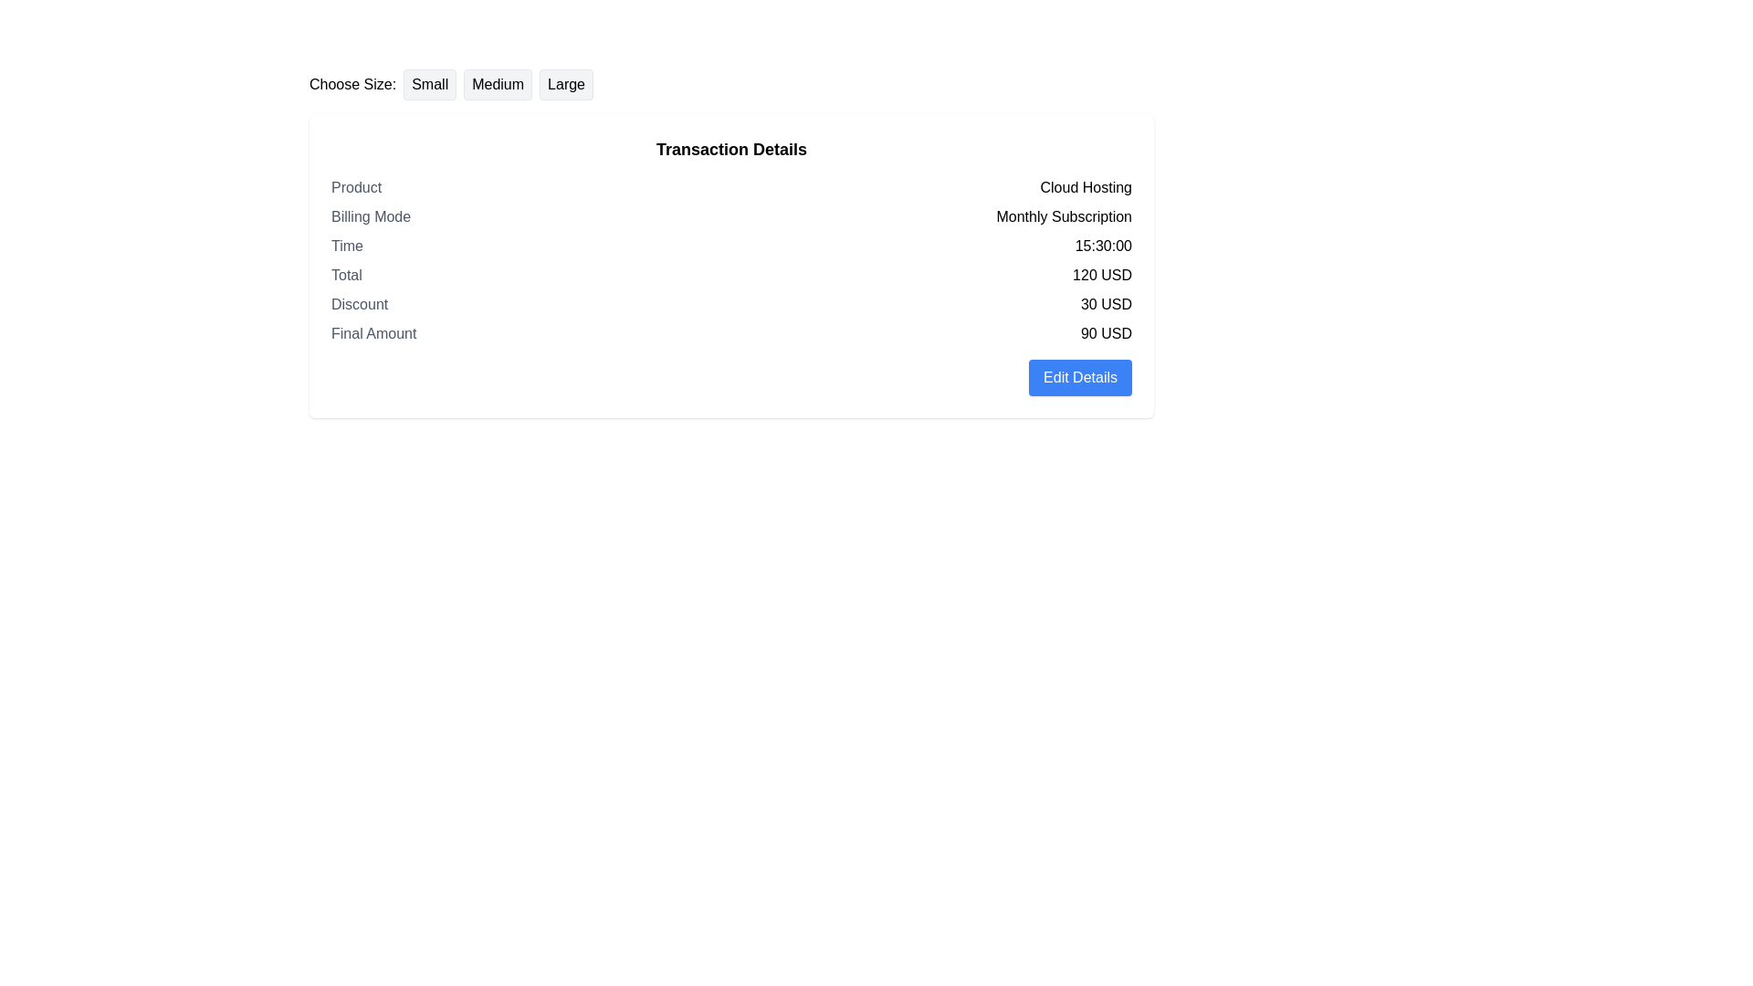 Image resolution: width=1753 pixels, height=986 pixels. Describe the element at coordinates (360, 304) in the screenshot. I see `the Text Label that describes the associated pricing value indicating a deduction in the total cost, located at the leftmost position in the pricing breakdown row` at that location.